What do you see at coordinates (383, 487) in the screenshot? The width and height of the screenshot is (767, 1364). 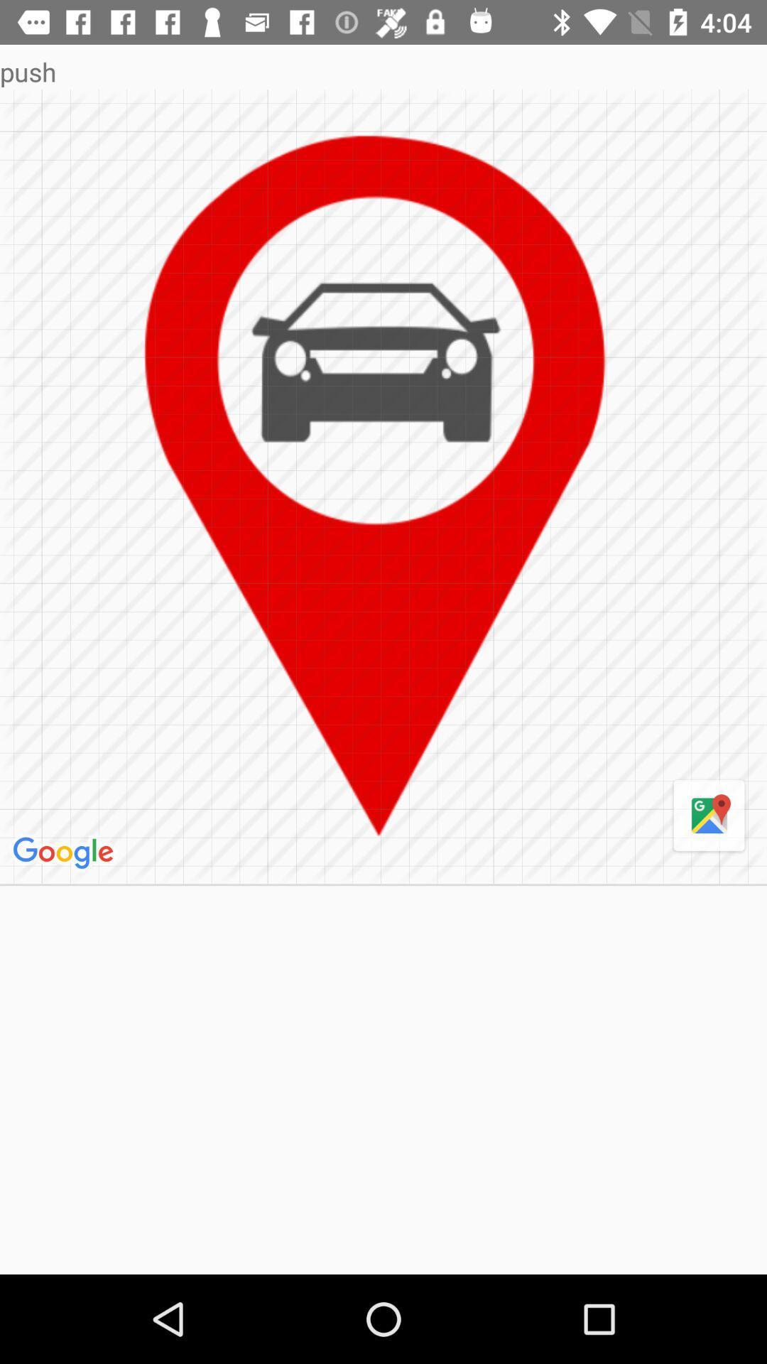 I see `the icon at the center` at bounding box center [383, 487].